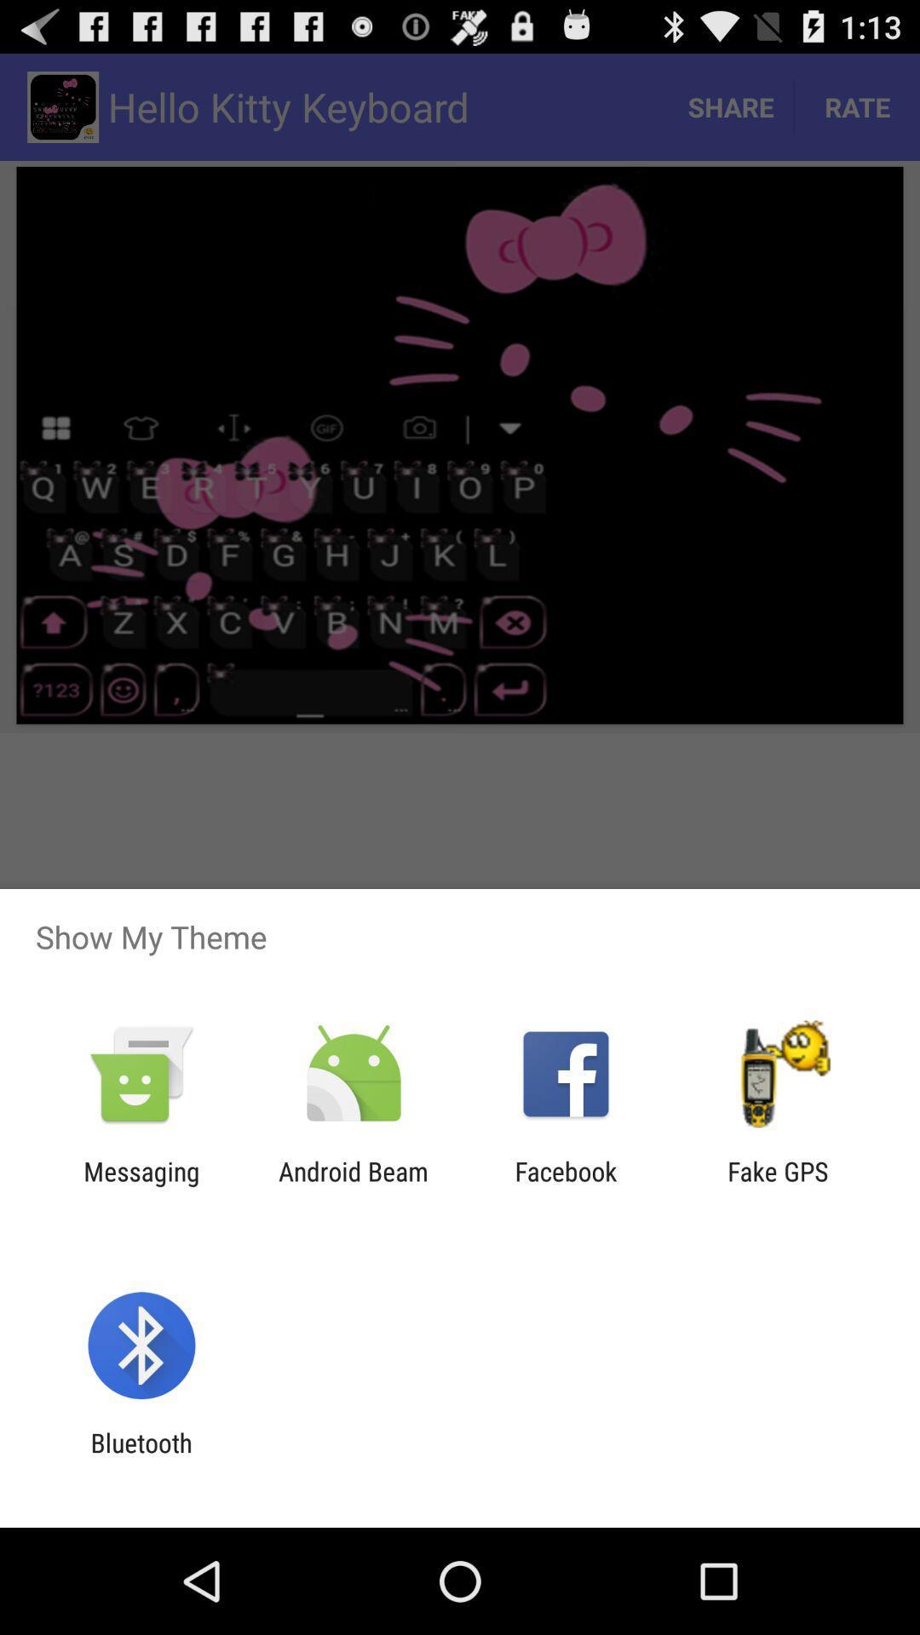 Image resolution: width=920 pixels, height=1635 pixels. Describe the element at coordinates (566, 1185) in the screenshot. I see `facebook item` at that location.